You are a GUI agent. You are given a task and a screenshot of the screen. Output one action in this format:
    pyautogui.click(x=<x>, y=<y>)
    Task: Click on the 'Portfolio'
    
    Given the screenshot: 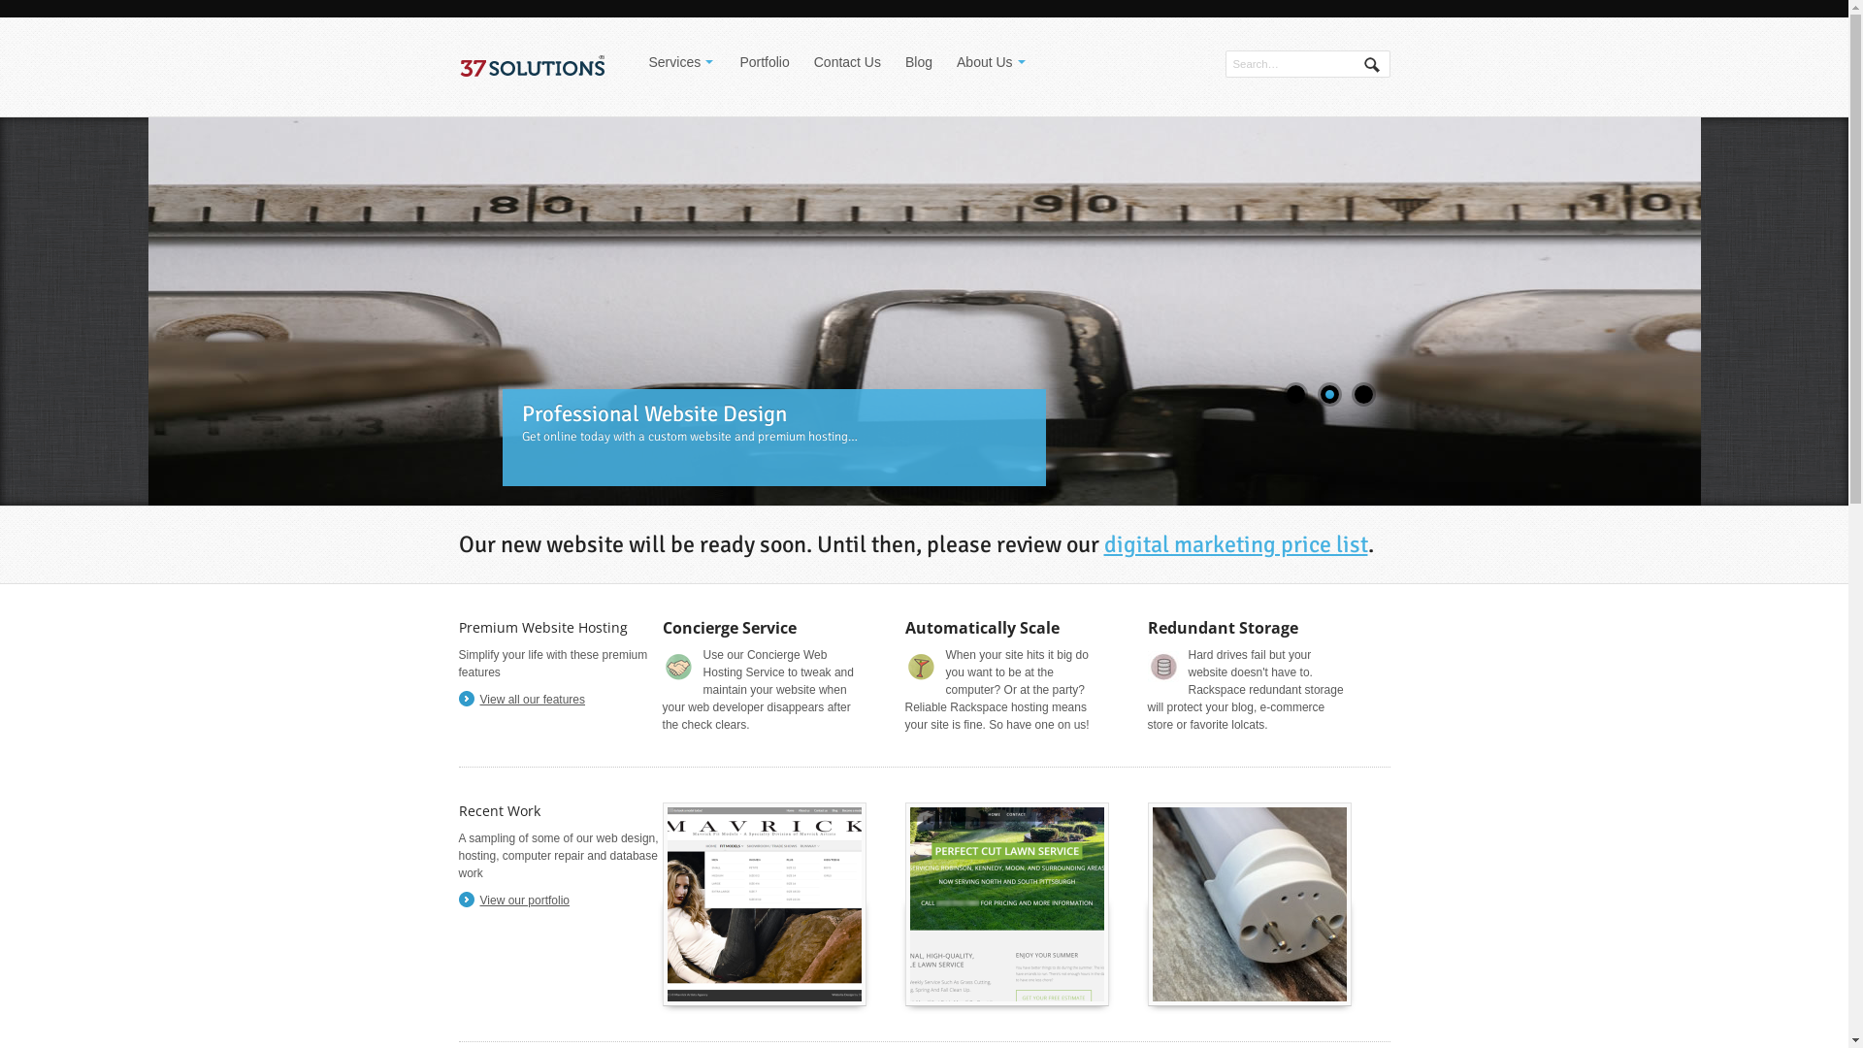 What is the action you would take?
    pyautogui.click(x=729, y=62)
    